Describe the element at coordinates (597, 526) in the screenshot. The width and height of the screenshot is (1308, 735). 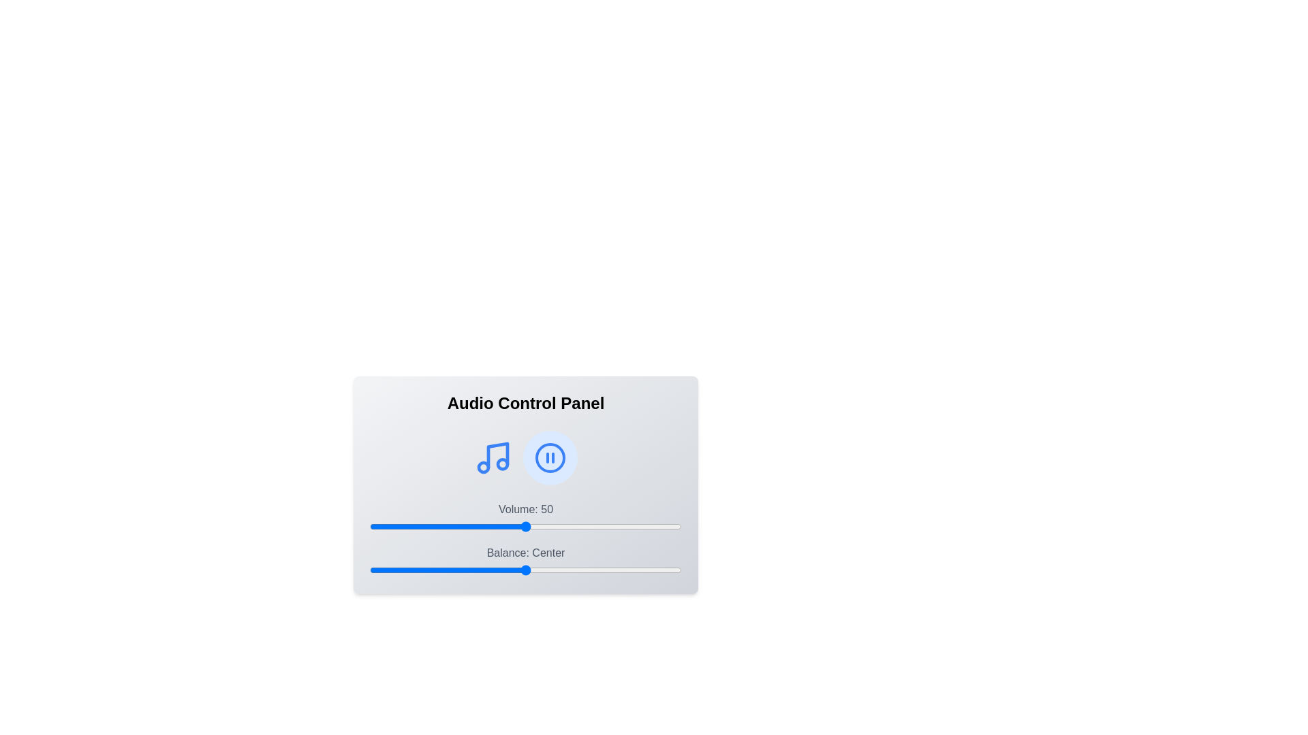
I see `the slider value` at that location.